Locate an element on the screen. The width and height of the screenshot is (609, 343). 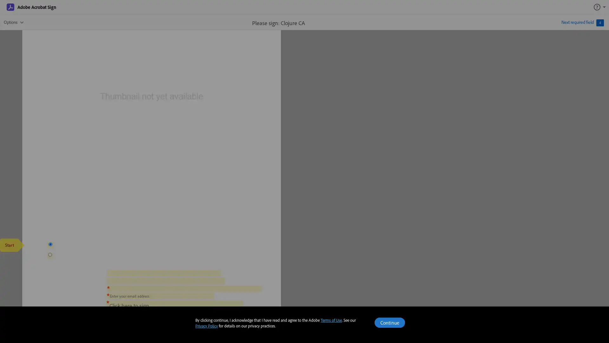
Click to sign required is located at coordinates (327, 305).